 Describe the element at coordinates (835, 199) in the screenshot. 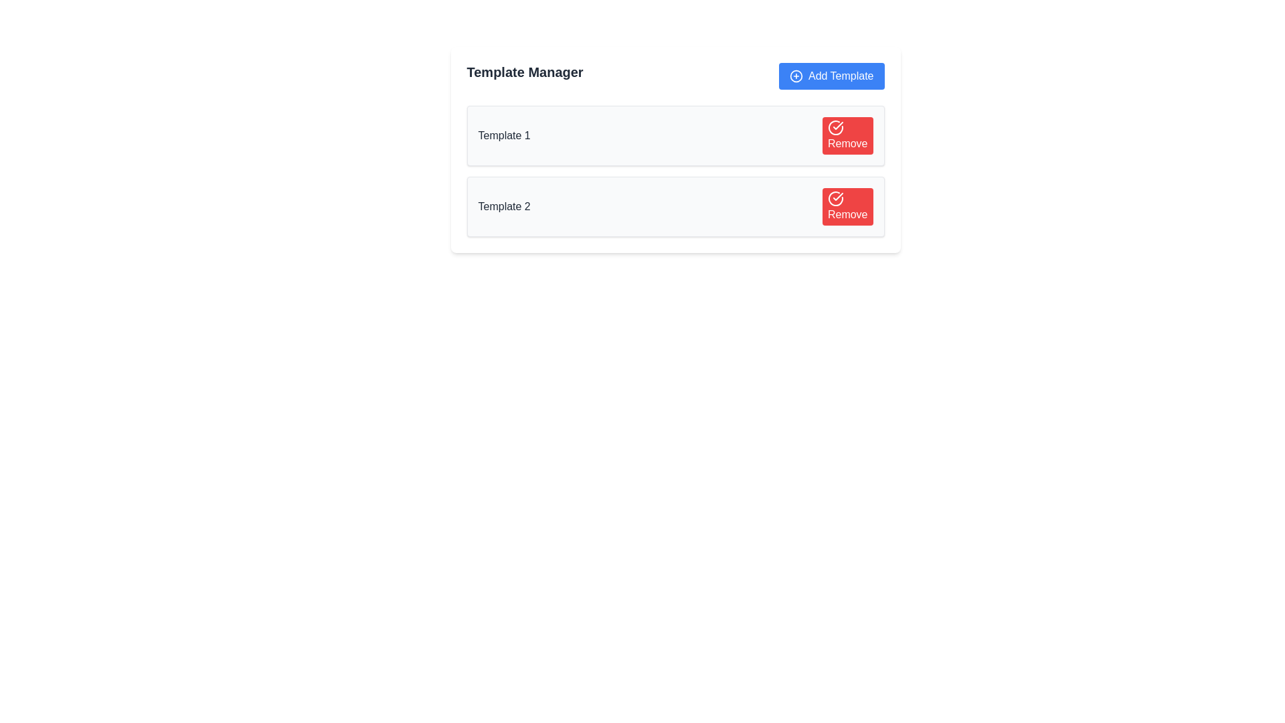

I see `the confirmation icon inside the red-colored 'Remove' button located on the far-right side of the 'Template Manager' interface` at that location.